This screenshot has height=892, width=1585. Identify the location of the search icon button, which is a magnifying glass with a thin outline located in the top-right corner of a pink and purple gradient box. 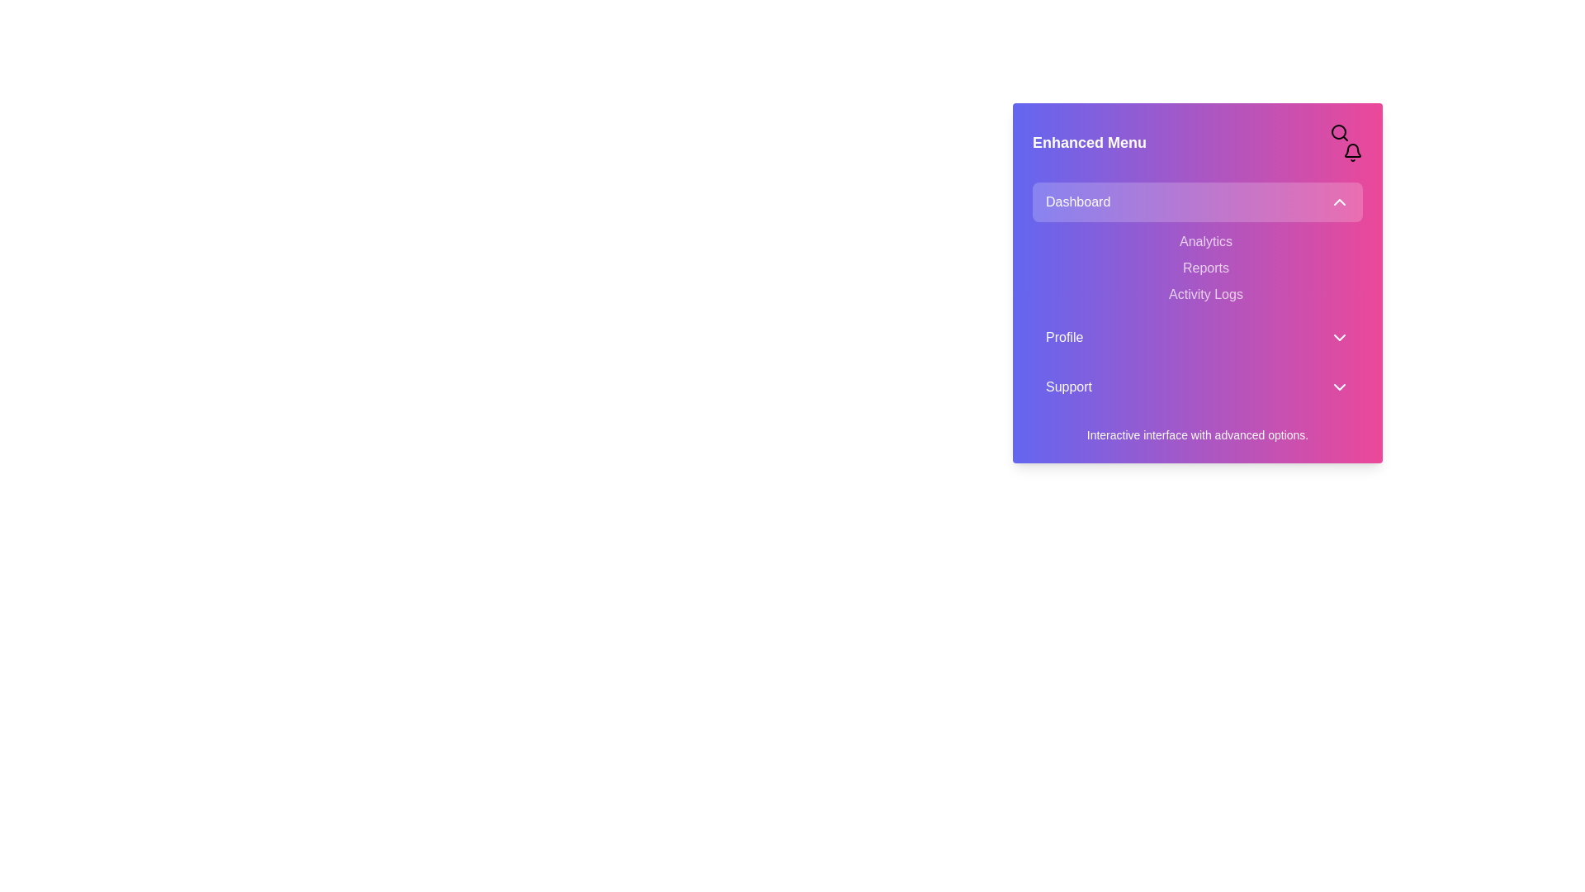
(1339, 132).